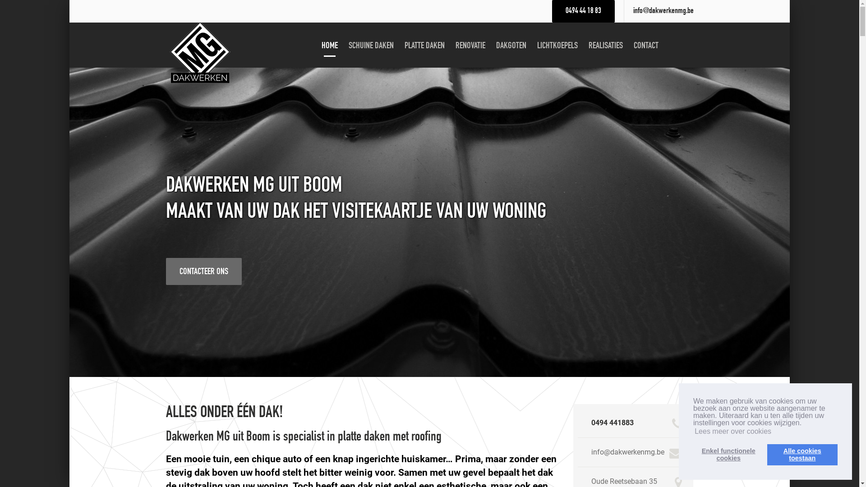 The width and height of the screenshot is (866, 487). What do you see at coordinates (203, 271) in the screenshot?
I see `'CONTACTEER ONS'` at bounding box center [203, 271].